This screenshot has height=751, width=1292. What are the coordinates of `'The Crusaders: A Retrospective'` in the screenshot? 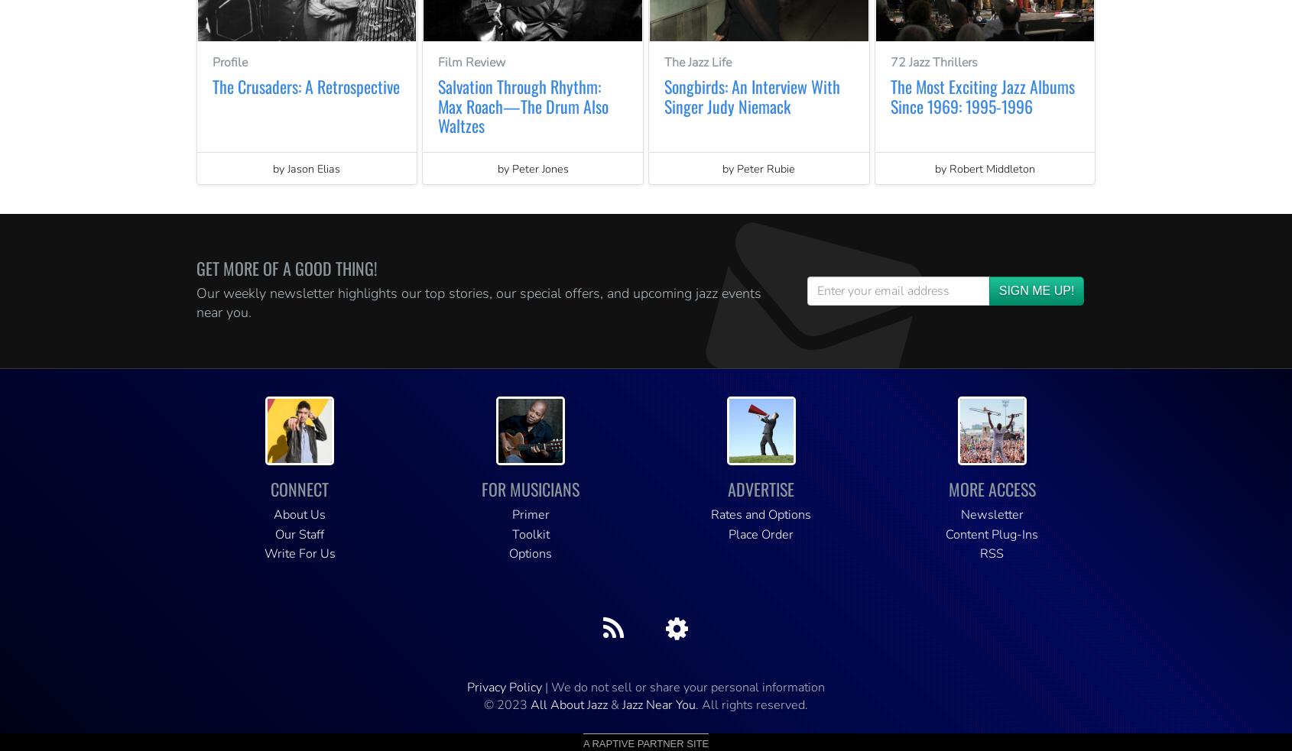 It's located at (304, 84).